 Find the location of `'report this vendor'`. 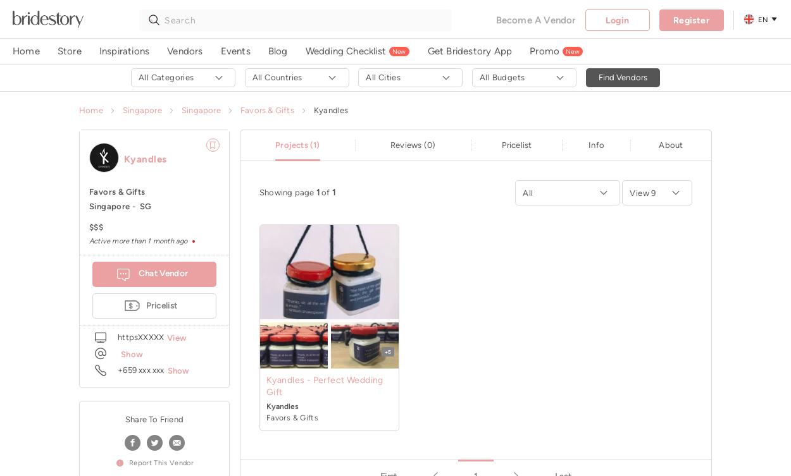

'report this vendor' is located at coordinates (128, 462).